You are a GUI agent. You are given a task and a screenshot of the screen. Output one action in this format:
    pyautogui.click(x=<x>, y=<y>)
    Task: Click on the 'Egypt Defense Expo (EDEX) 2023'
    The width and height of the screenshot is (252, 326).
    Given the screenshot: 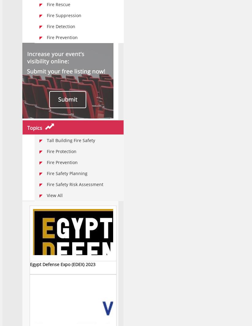 What is the action you would take?
    pyautogui.click(x=29, y=264)
    